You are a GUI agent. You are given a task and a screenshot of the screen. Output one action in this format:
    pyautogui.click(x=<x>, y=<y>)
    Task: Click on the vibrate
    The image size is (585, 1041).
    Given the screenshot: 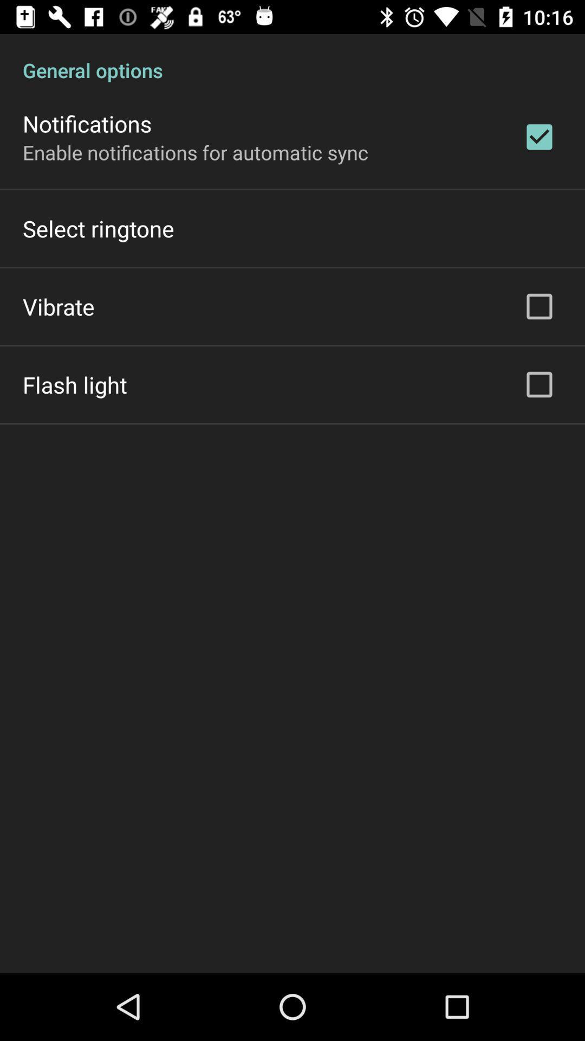 What is the action you would take?
    pyautogui.click(x=58, y=306)
    